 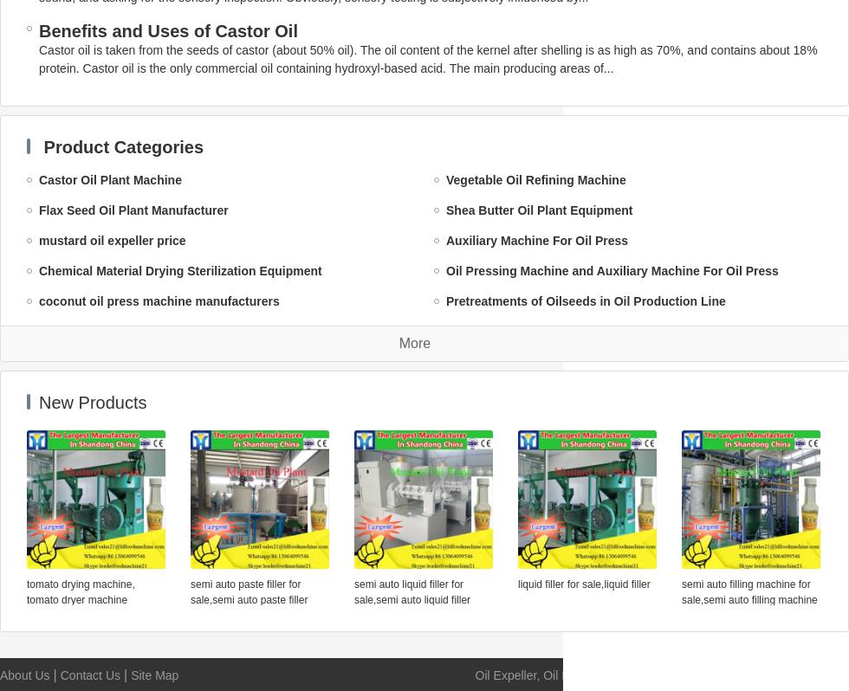 What do you see at coordinates (112, 241) in the screenshot?
I see `'mustard oil expeller price'` at bounding box center [112, 241].